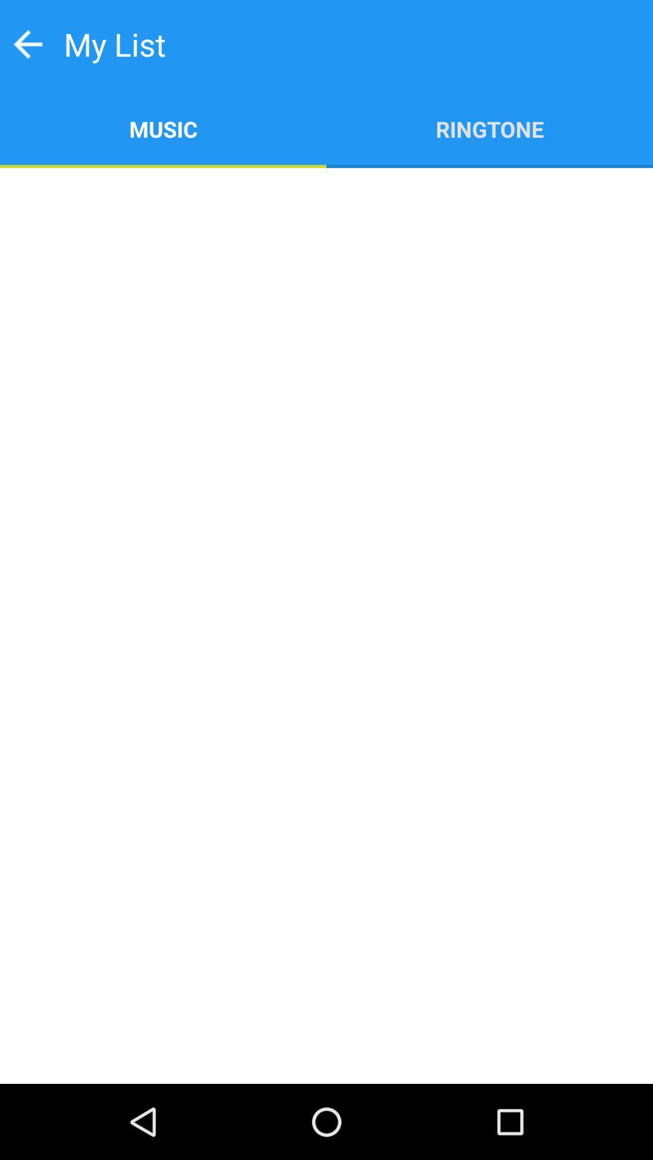  Describe the element at coordinates (27, 44) in the screenshot. I see `the icon above the music item` at that location.